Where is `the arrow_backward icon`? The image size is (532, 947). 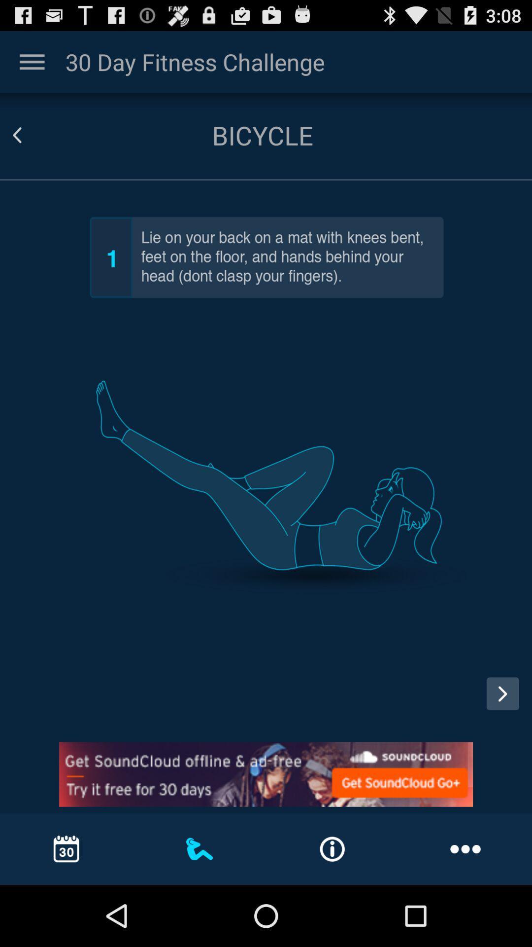
the arrow_backward icon is located at coordinates (29, 144).